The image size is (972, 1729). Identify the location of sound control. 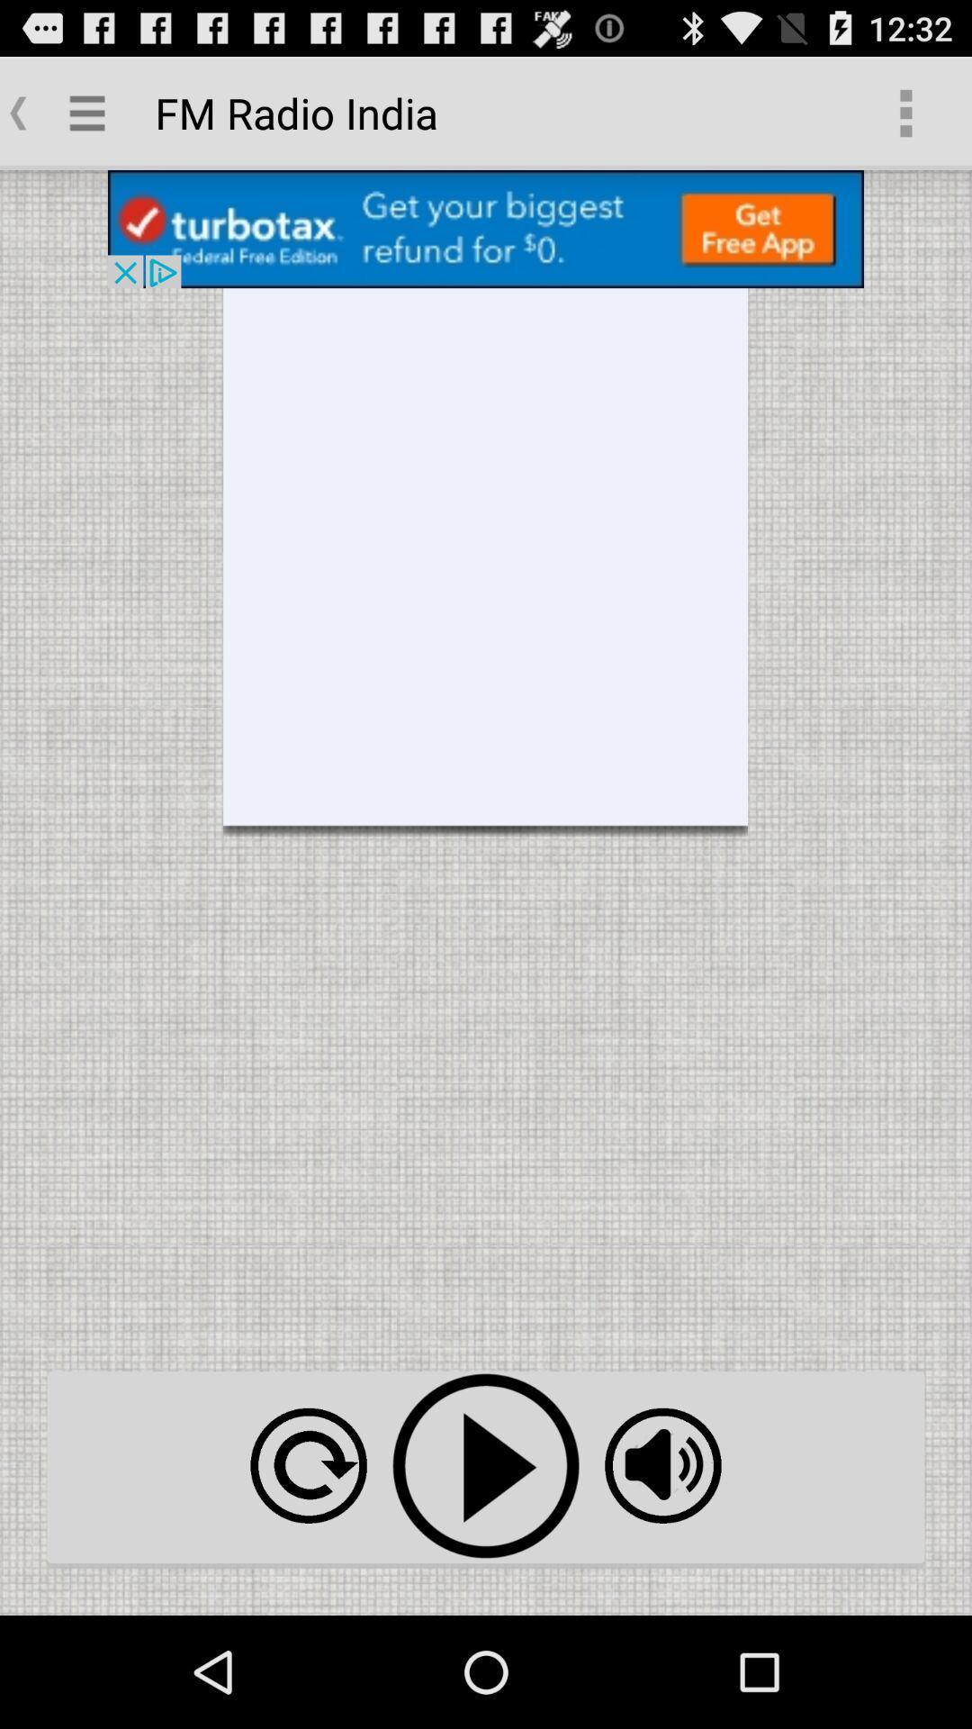
(662, 1465).